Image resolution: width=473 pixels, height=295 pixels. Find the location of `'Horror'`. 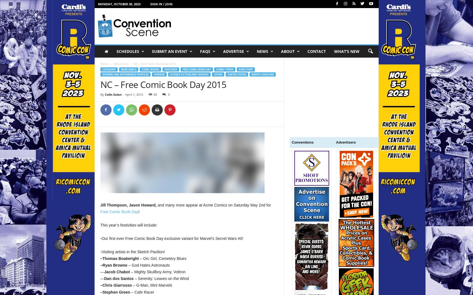

'Horror' is located at coordinates (159, 74).